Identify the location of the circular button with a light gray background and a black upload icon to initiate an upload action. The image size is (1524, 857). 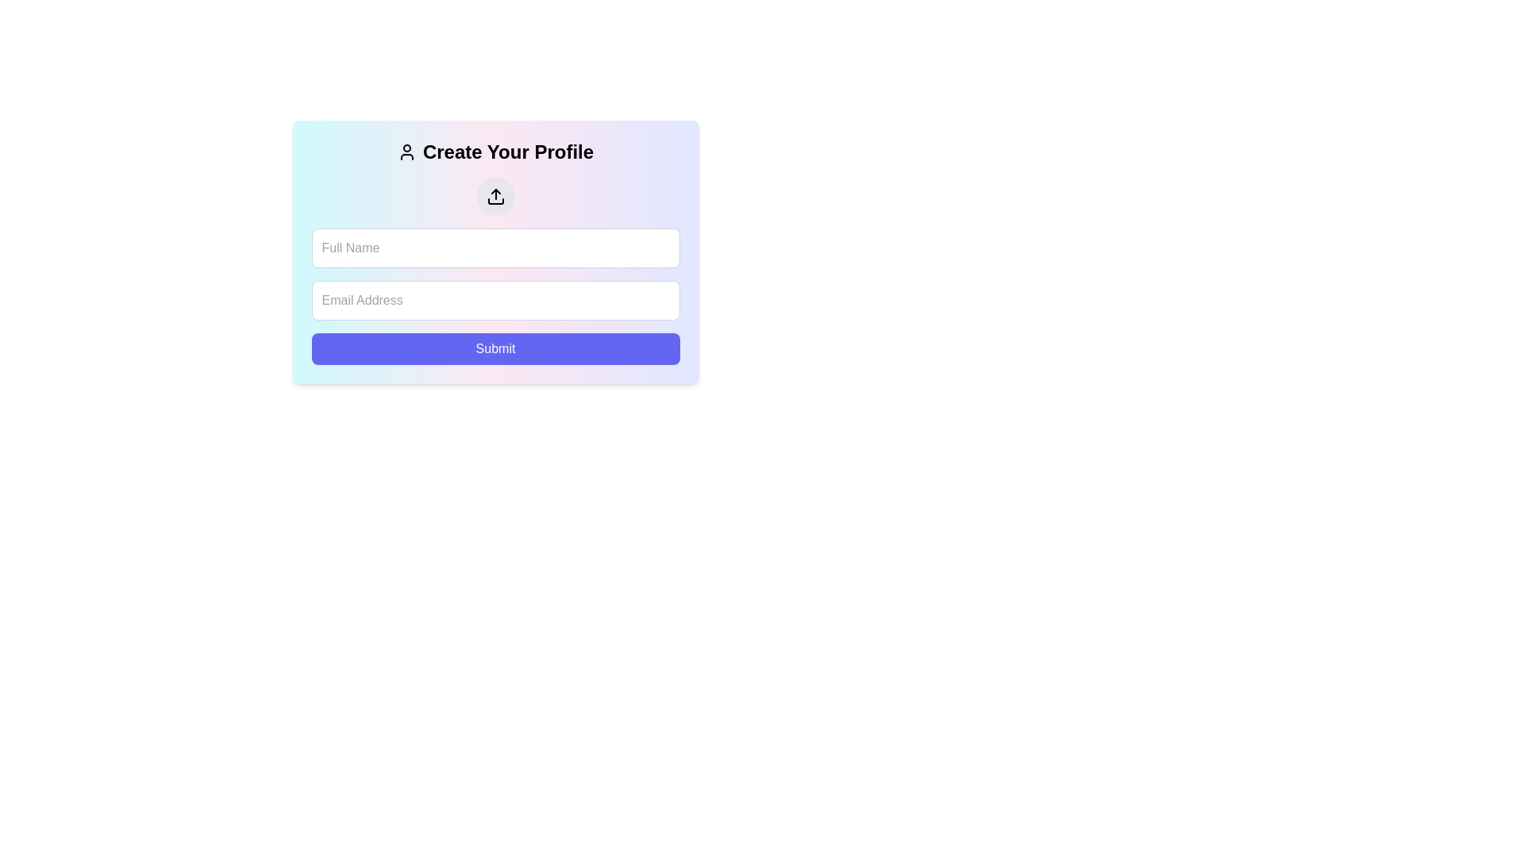
(495, 195).